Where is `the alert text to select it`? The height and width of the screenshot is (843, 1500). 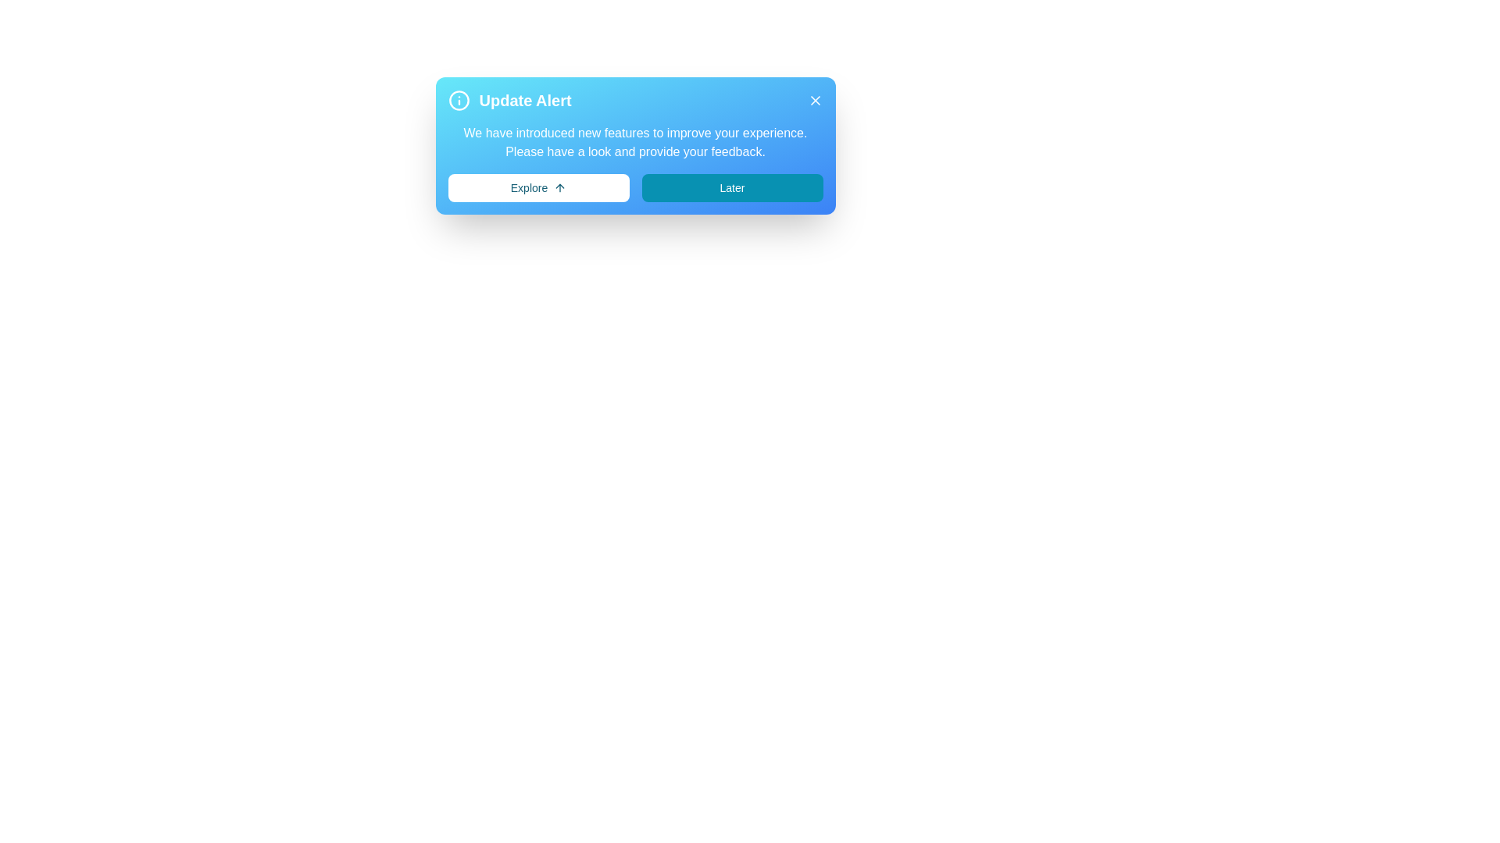
the alert text to select it is located at coordinates (635, 142).